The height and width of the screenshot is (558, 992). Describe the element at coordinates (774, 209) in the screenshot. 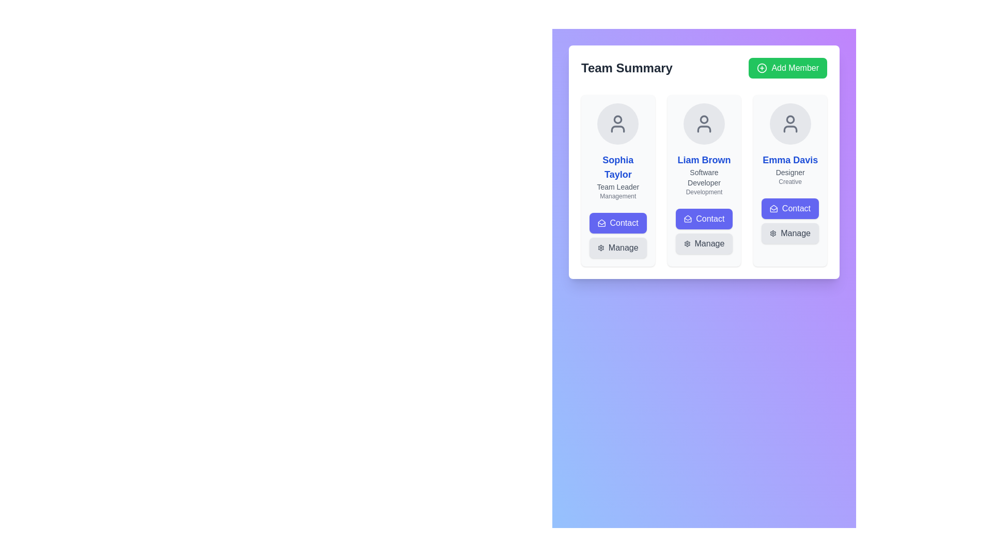

I see `the mail or contact vector icon located within the 'Contact' button on the third card labeled 'Emma Davis'` at that location.